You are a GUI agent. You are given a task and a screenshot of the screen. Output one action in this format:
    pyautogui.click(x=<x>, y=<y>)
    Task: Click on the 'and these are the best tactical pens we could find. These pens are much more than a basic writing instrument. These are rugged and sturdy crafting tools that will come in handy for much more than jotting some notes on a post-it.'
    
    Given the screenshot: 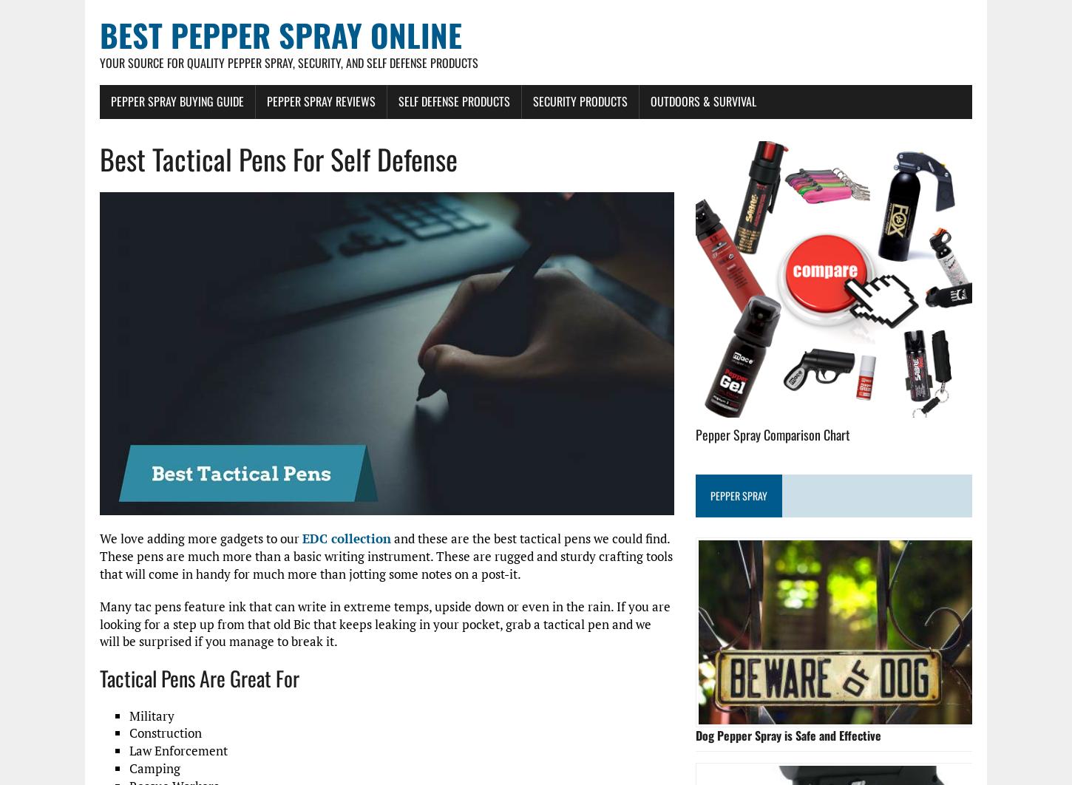 What is the action you would take?
    pyautogui.click(x=386, y=556)
    